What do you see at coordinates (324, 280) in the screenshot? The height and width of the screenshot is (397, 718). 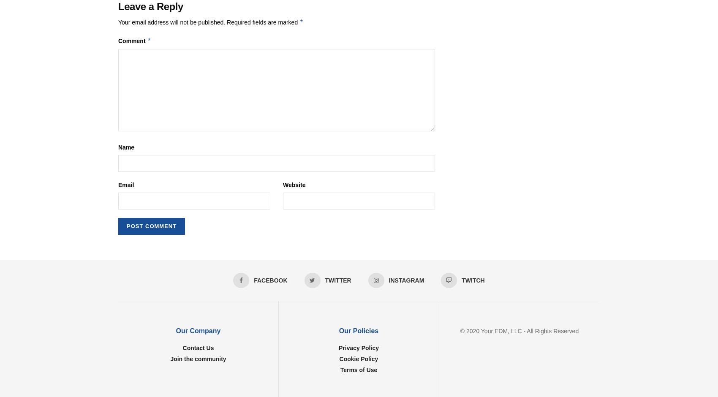 I see `'Twitter'` at bounding box center [324, 280].